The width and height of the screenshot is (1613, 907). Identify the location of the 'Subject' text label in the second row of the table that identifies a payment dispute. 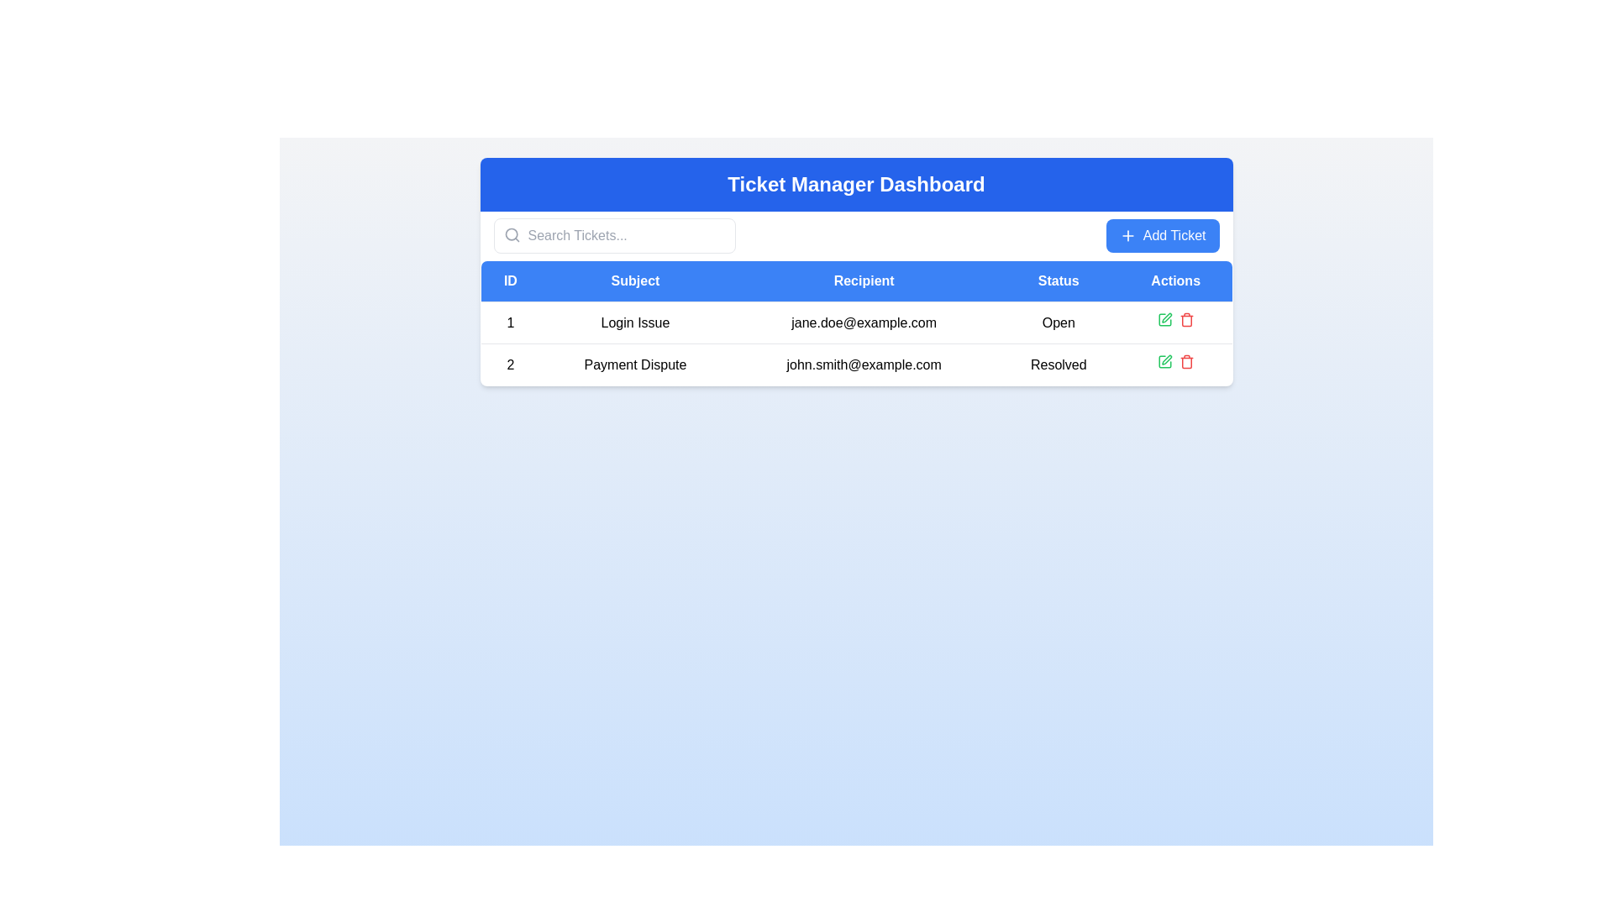
(634, 364).